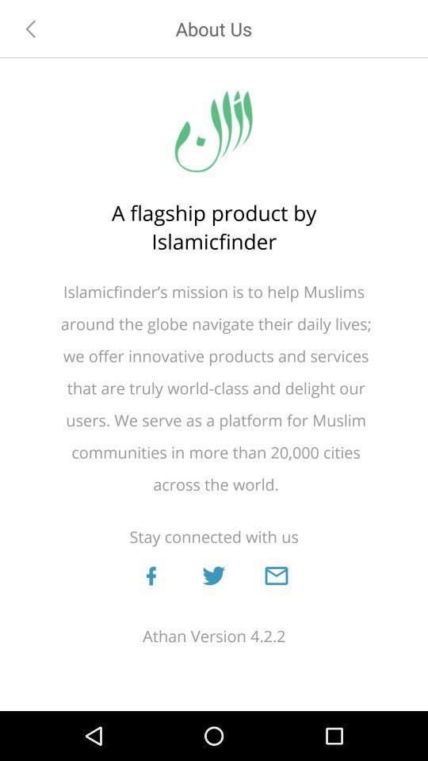 The image size is (428, 761). What do you see at coordinates (275, 575) in the screenshot?
I see `email us` at bounding box center [275, 575].